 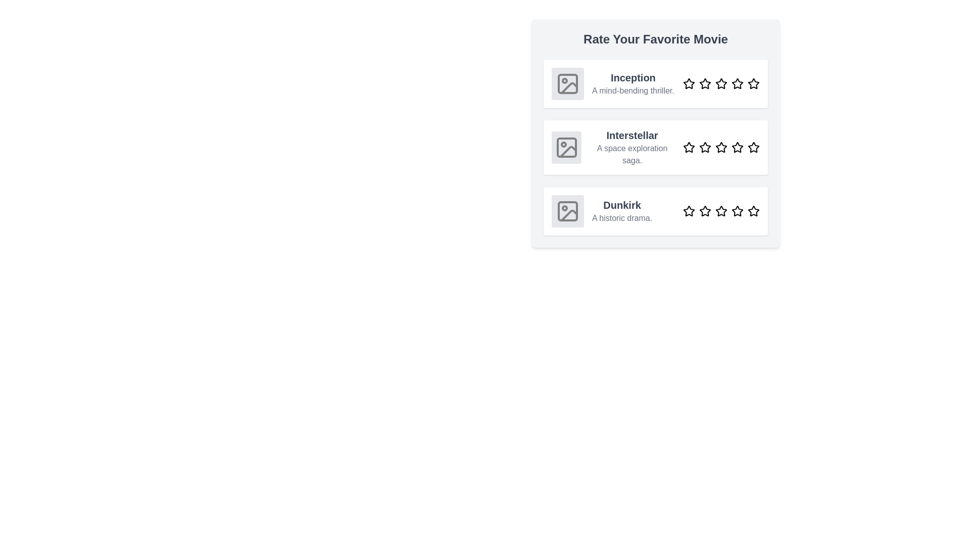 I want to click on the fifth star icon in the rating section of the movie 'Dunkirk' to assign the highest rating, so click(x=754, y=210).